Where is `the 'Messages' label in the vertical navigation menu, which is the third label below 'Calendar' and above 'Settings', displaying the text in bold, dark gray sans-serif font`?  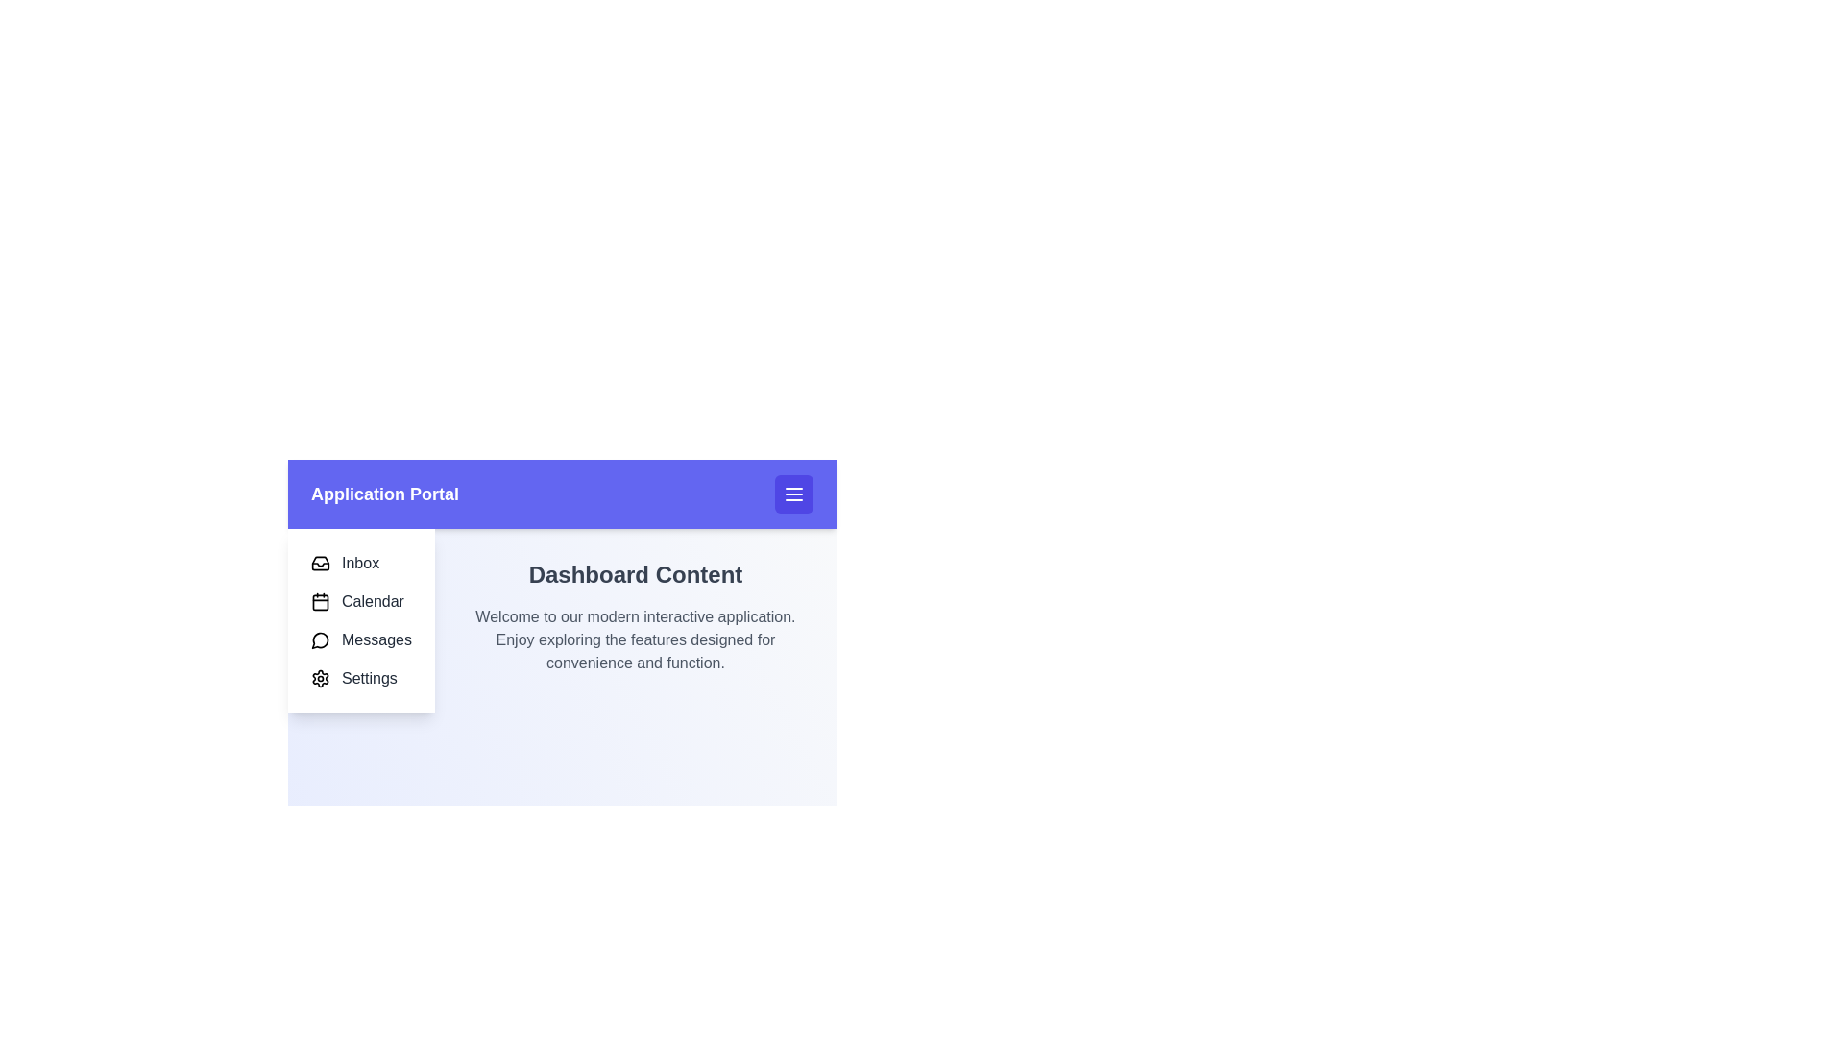
the 'Messages' label in the vertical navigation menu, which is the third label below 'Calendar' and above 'Settings', displaying the text in bold, dark gray sans-serif font is located at coordinates (376, 640).